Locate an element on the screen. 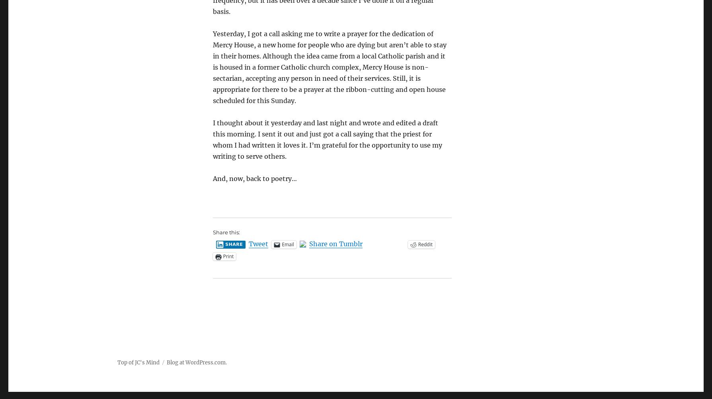 This screenshot has height=399, width=712. 'I thought about it yesterday and last night and wrote and edited a draft this morning. I sent it out and just got a call saying that the priest for whom I had written it loves it. I’m grateful for the opportunity to use my writing to serve others.' is located at coordinates (327, 139).